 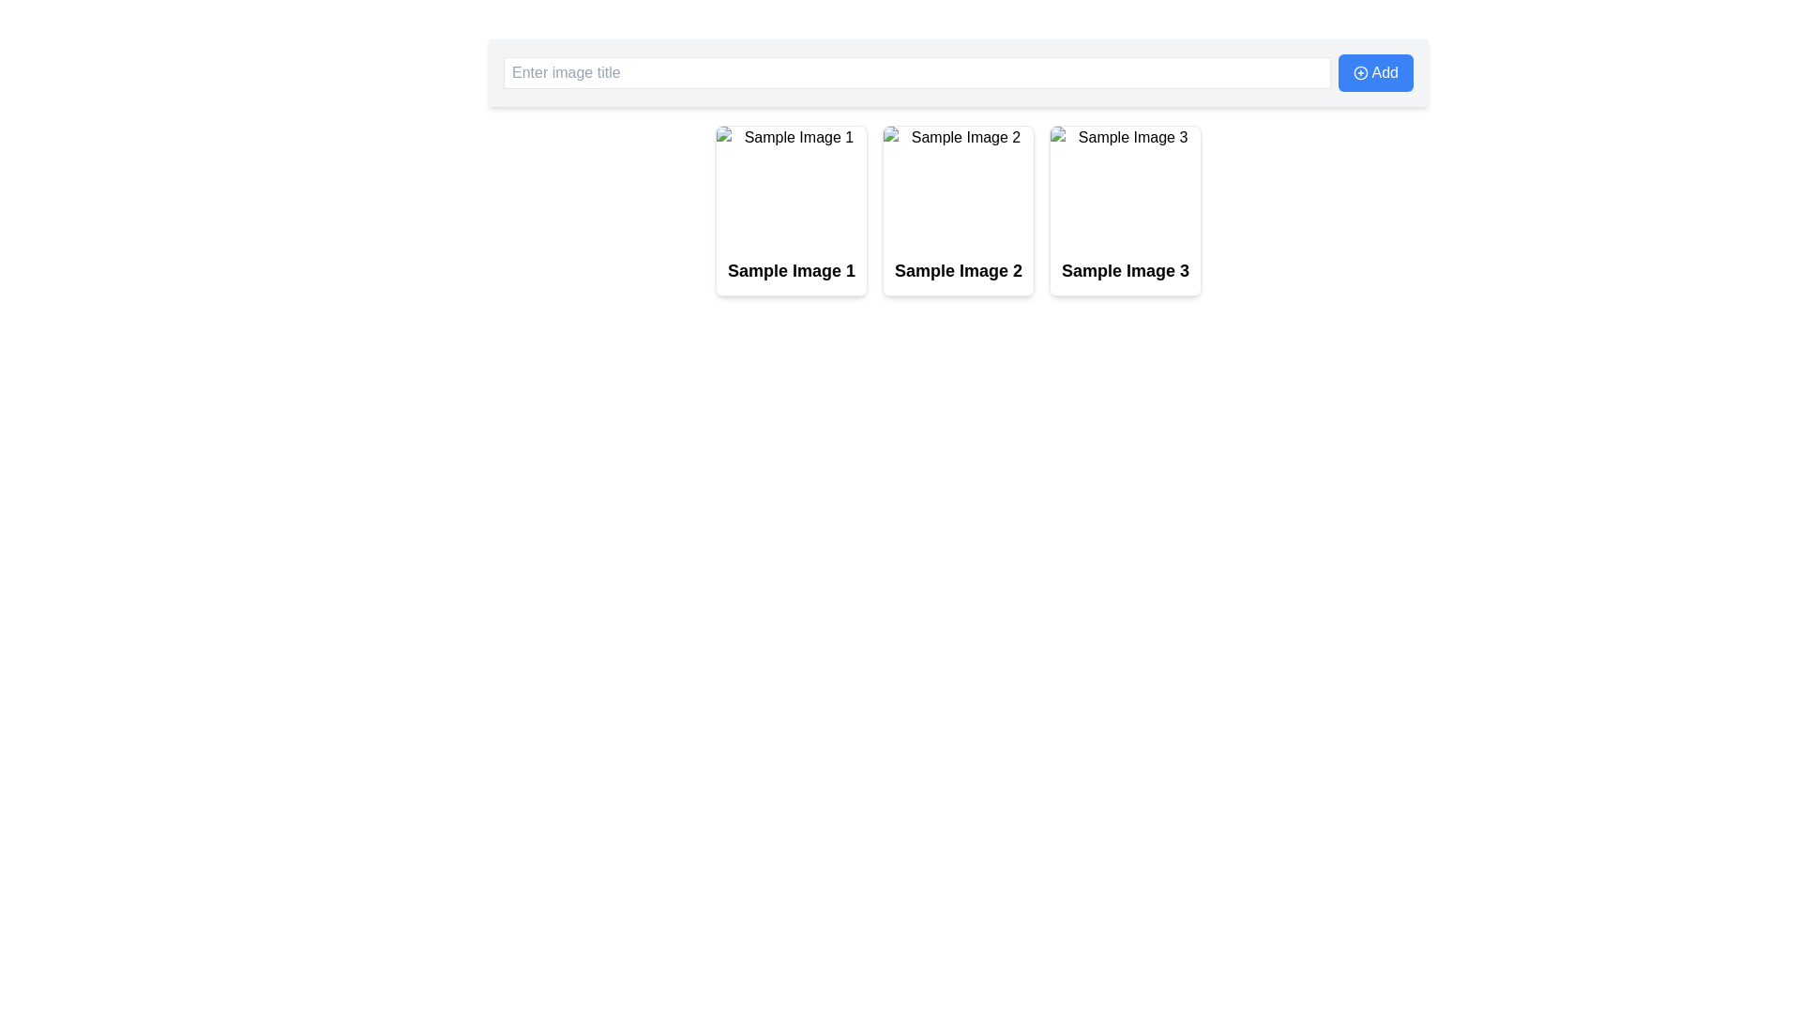 What do you see at coordinates (1359, 71) in the screenshot?
I see `SVG circle component that symbolizes a plus or addition operation, located in the top-right corner of the interface, adjacent to the 'Add' button` at bounding box center [1359, 71].